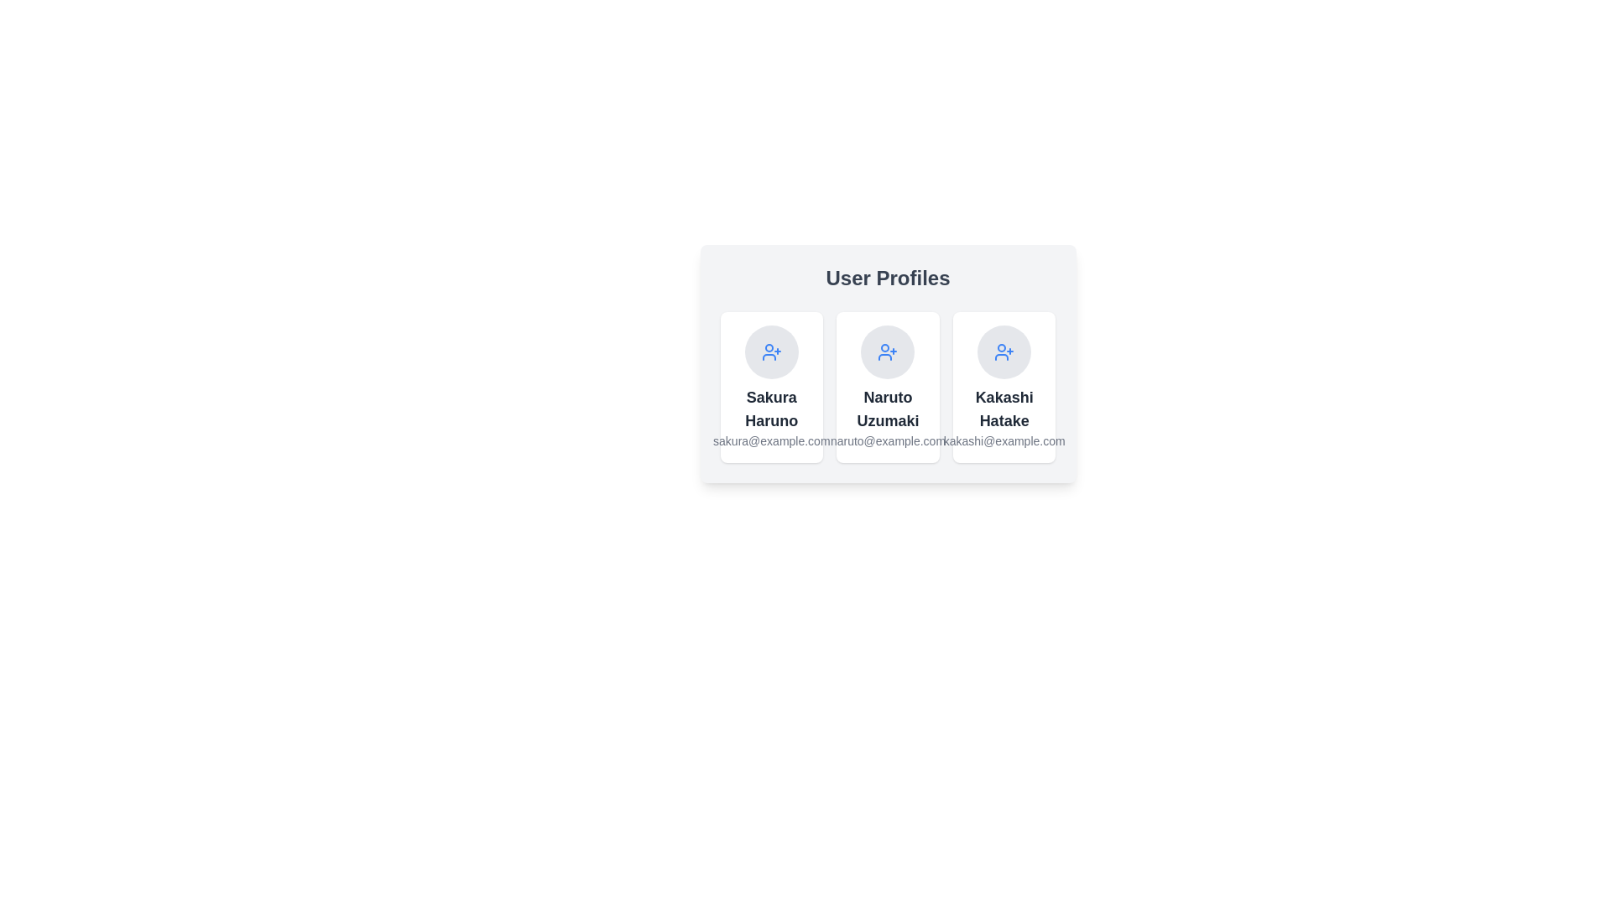 This screenshot has height=906, width=1611. Describe the element at coordinates (1004, 351) in the screenshot. I see `the user profile icon located at the top of the third card in the horizontal row of user profile cards` at that location.